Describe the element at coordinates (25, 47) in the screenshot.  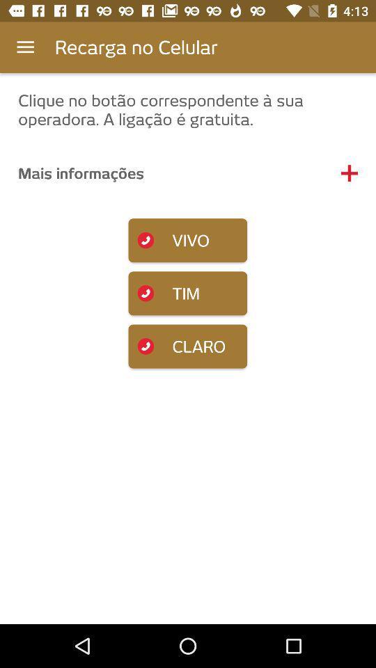
I see `the icon next to the recarga no celular item` at that location.